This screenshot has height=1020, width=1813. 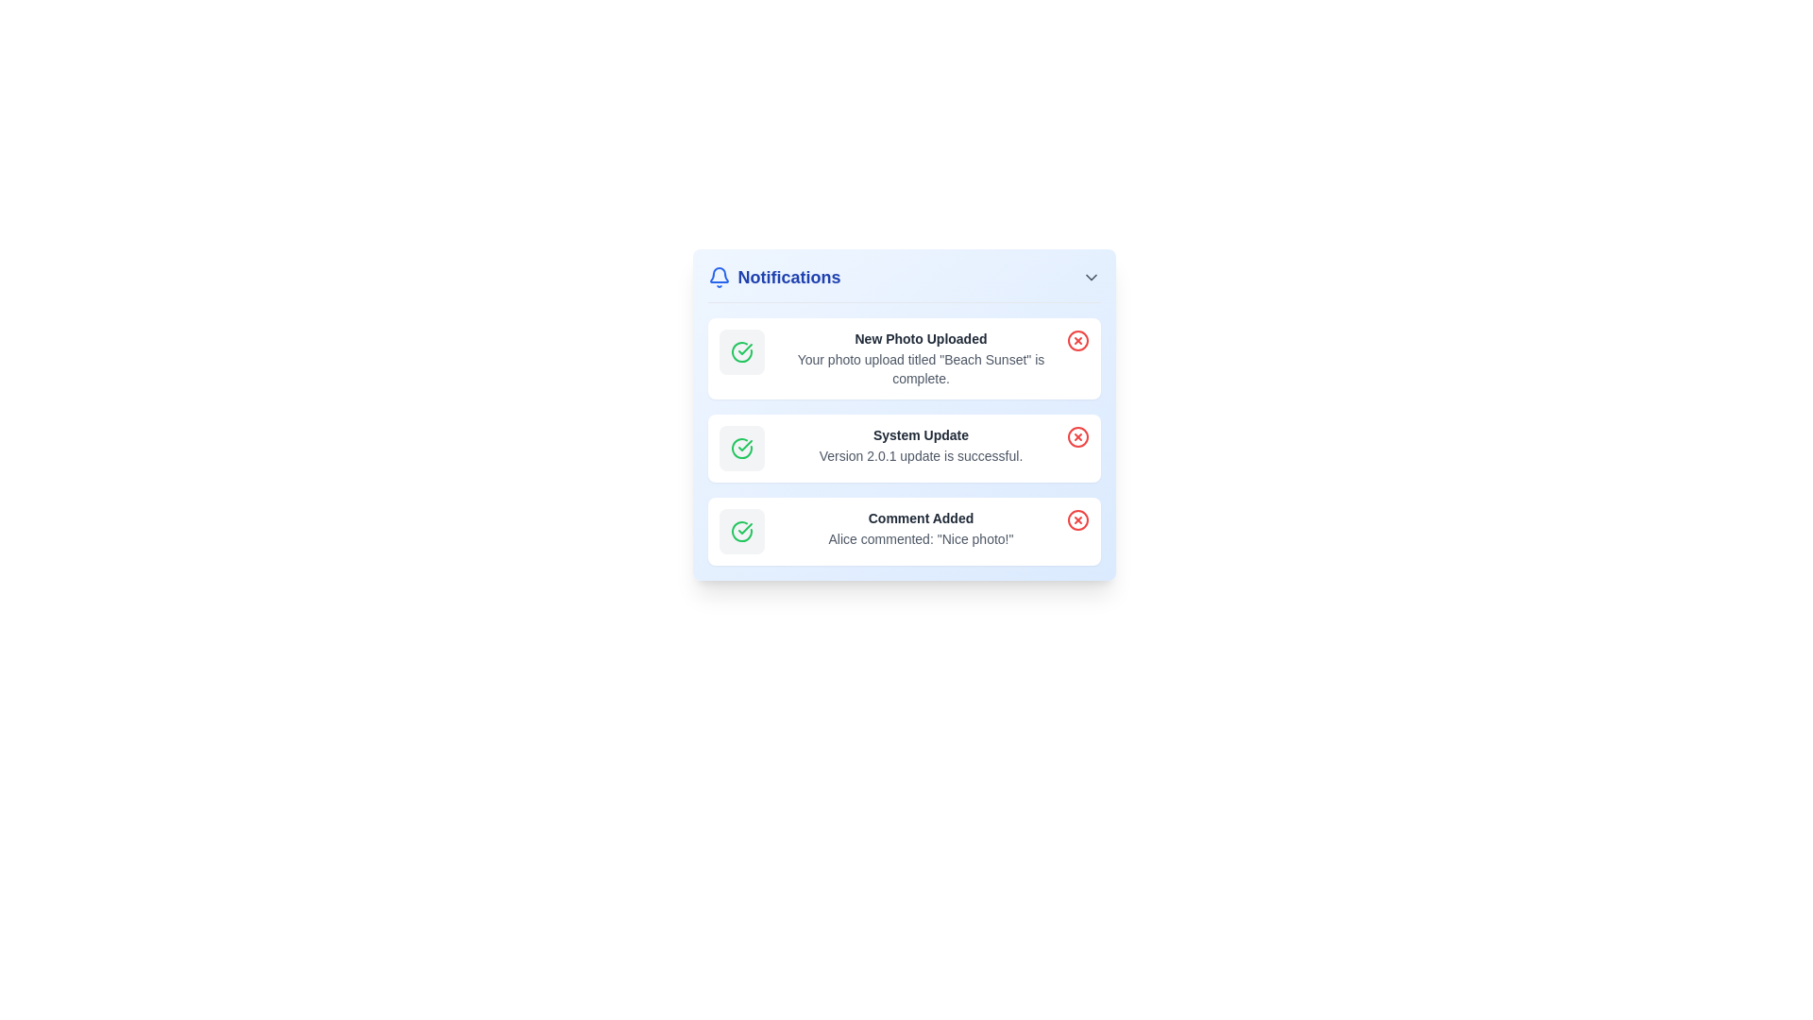 I want to click on the close button located at the top right of the third notification card labeled 'Comment Added' to change its color, so click(x=1077, y=520).